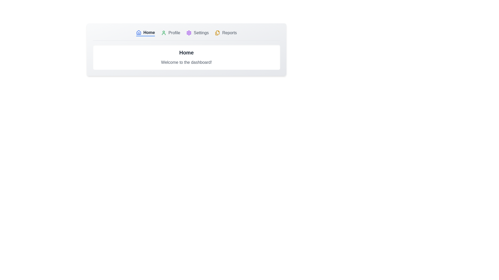 Image resolution: width=499 pixels, height=280 pixels. I want to click on the tab labeled Profile by clicking on its button, so click(170, 33).